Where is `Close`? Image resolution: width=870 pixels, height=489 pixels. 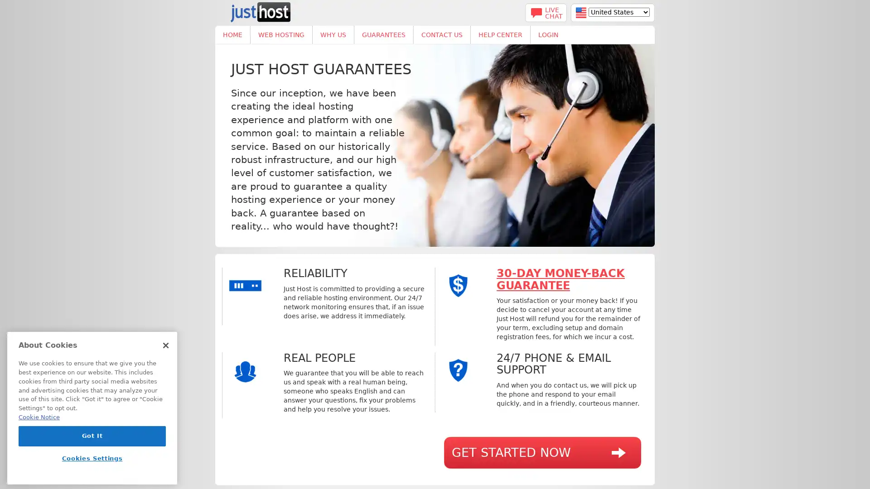
Close is located at coordinates (165, 345).